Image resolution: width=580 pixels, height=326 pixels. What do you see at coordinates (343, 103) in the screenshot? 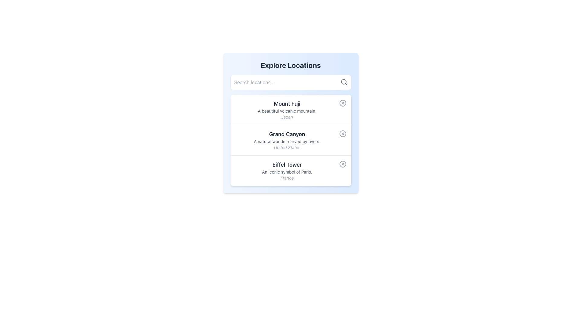
I see `the deletion button located at the rightmost position of the row containing 'Mount Fuji', 'A beautiful volcanic mountain.', and 'Japan' to initiate the removal of the associated list item` at bounding box center [343, 103].